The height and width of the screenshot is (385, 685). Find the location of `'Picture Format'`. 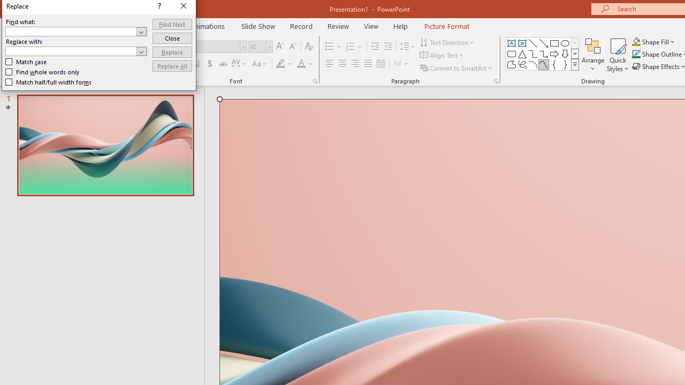

'Picture Format' is located at coordinates (447, 26).